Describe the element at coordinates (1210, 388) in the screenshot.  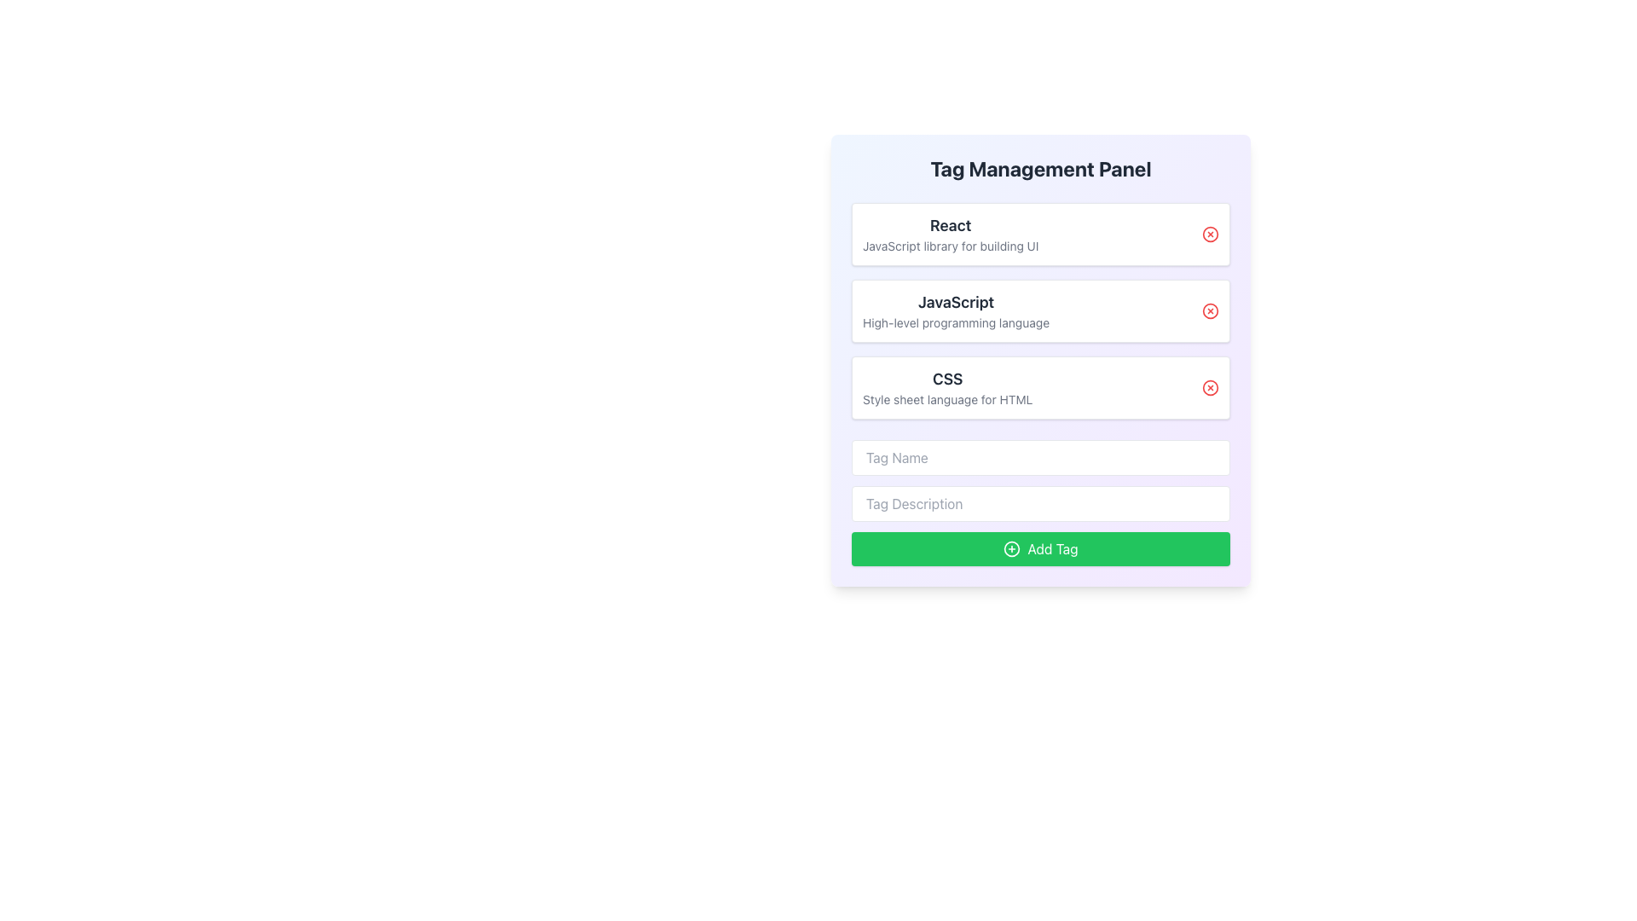
I see `the delete button located at the far right of the third entry in the tag list, which represents the 'CSS' entry in the Tag Management Panel` at that location.